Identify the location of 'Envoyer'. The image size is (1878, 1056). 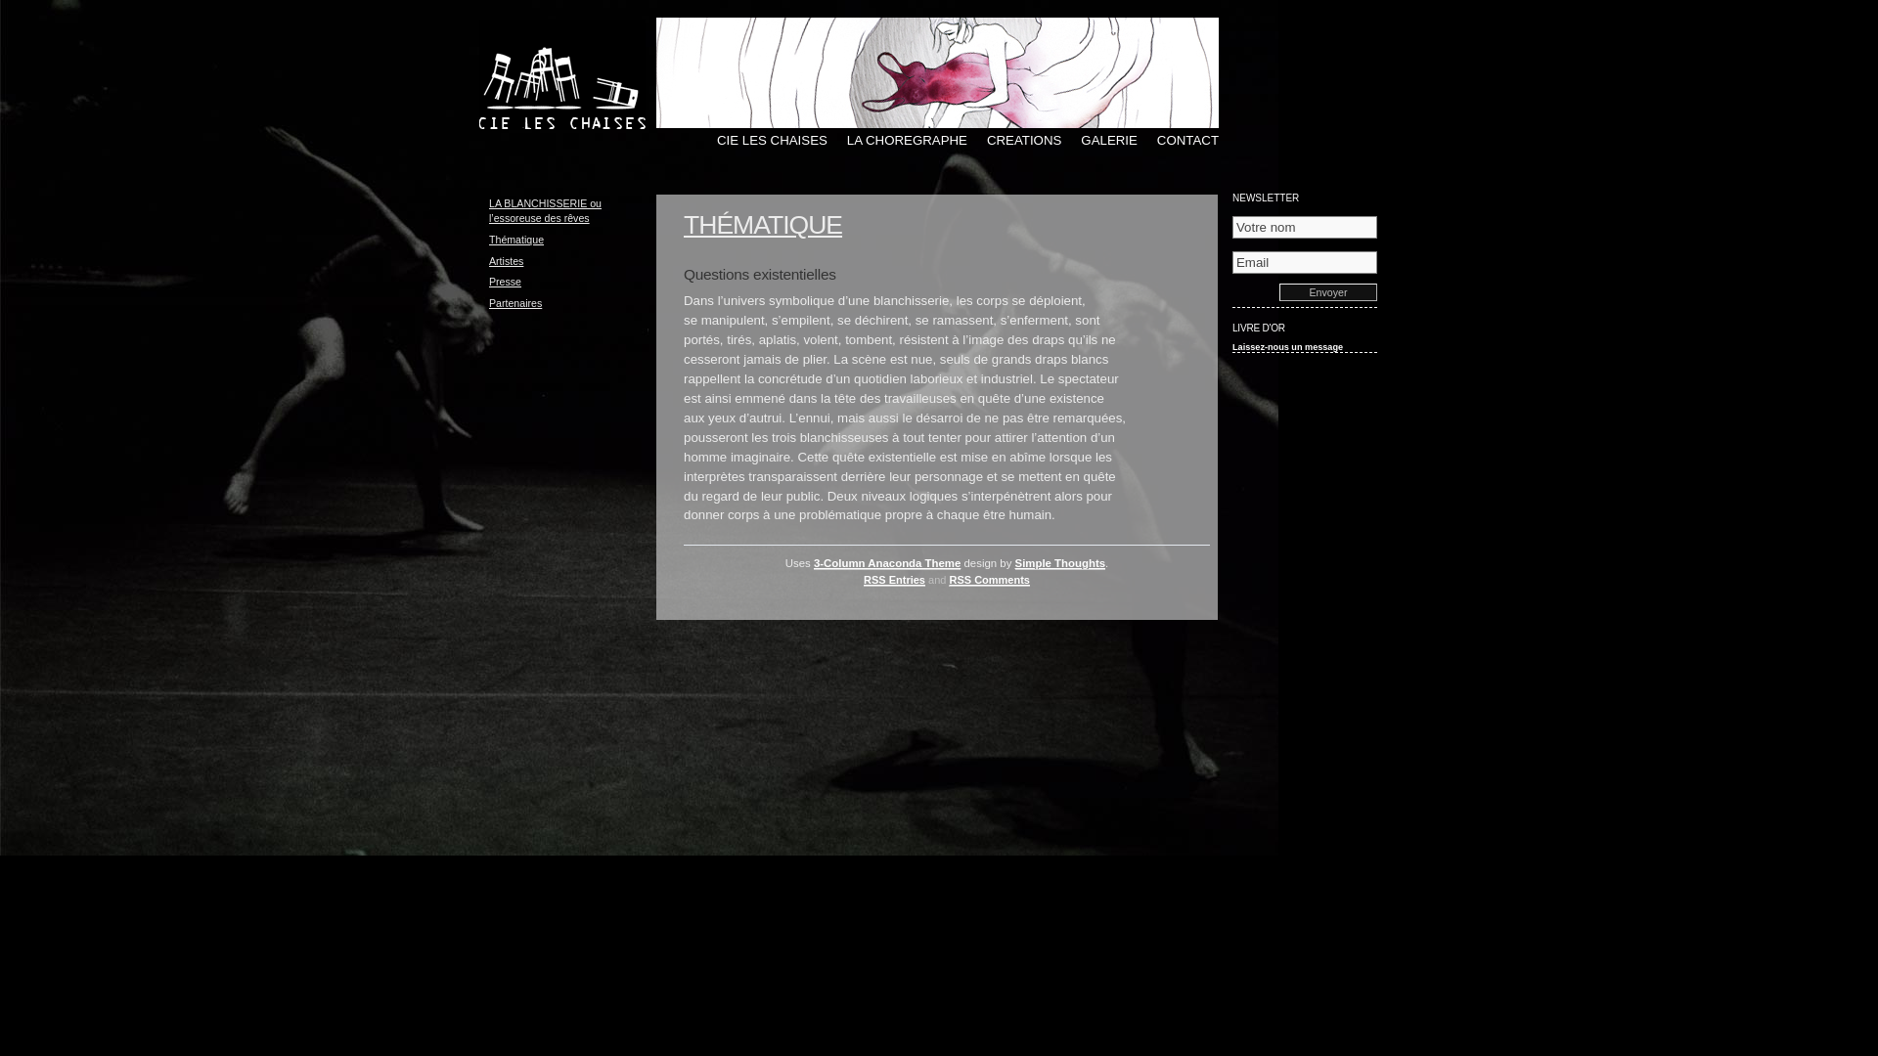
(1328, 292).